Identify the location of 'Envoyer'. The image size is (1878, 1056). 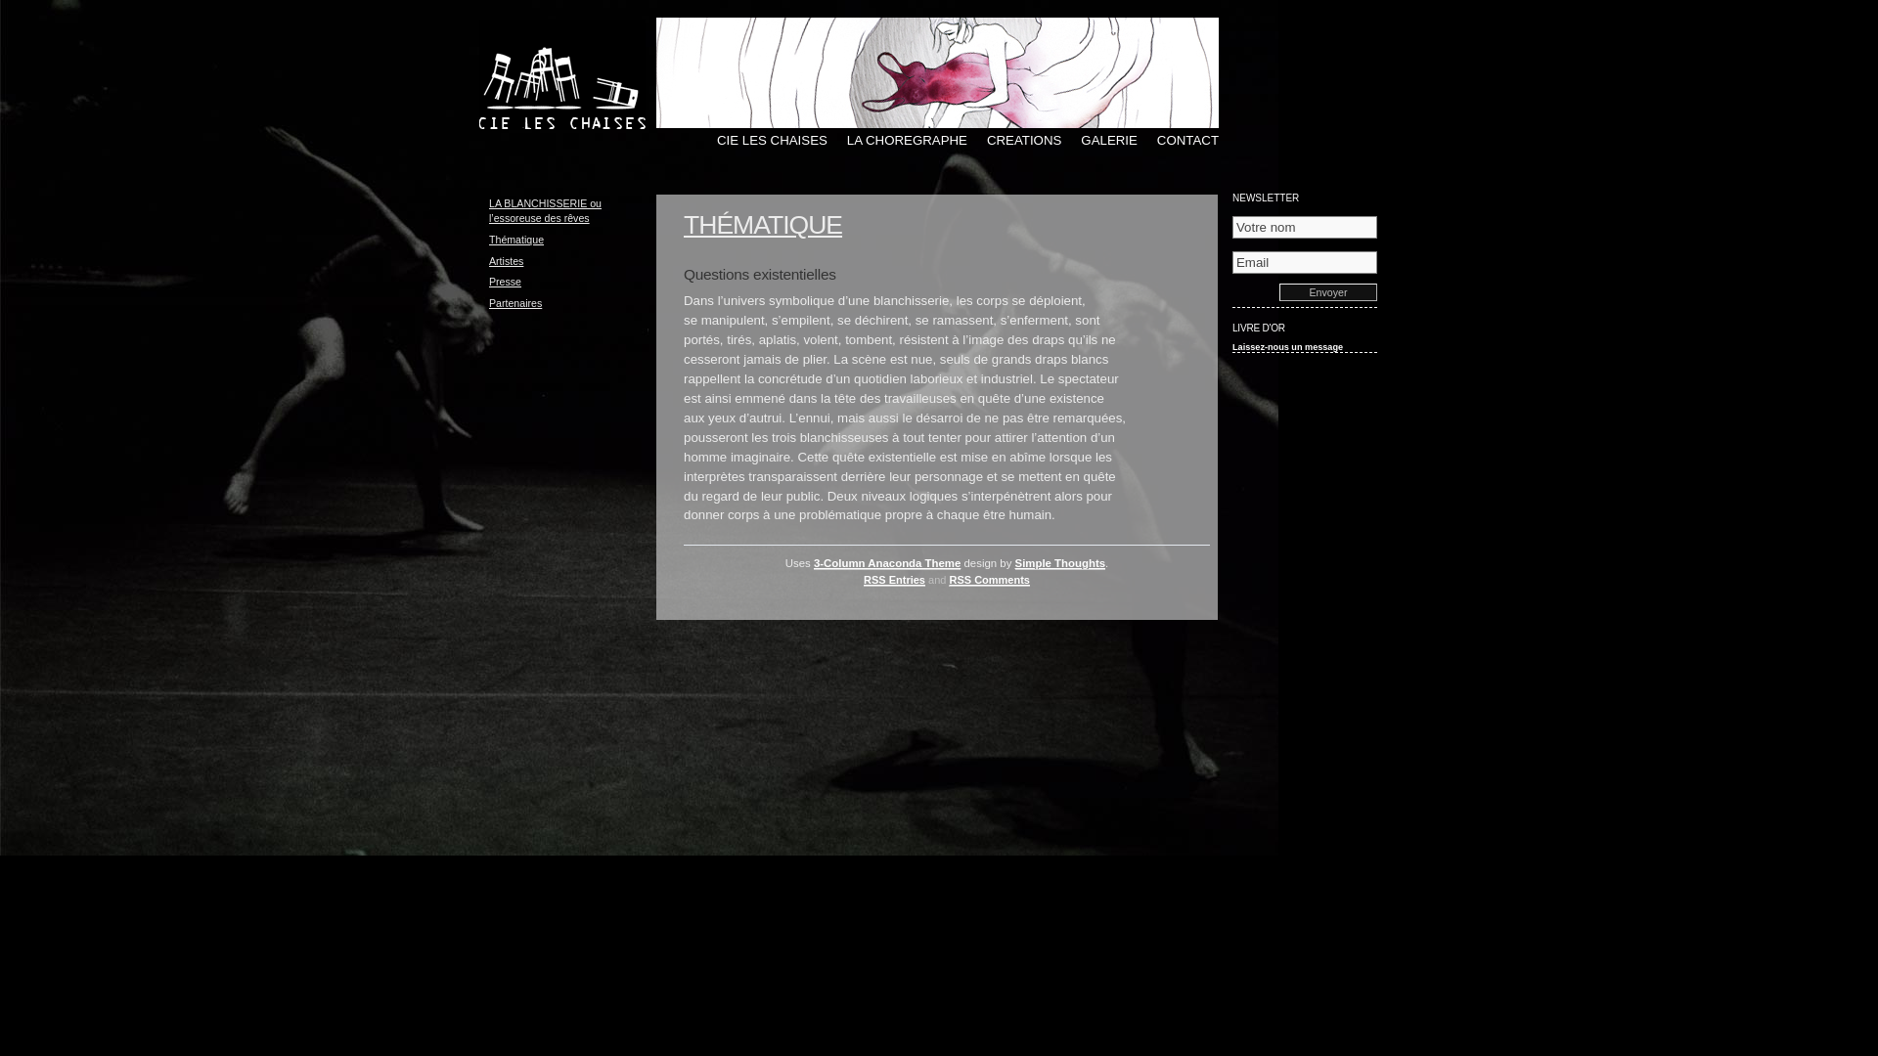
(1328, 292).